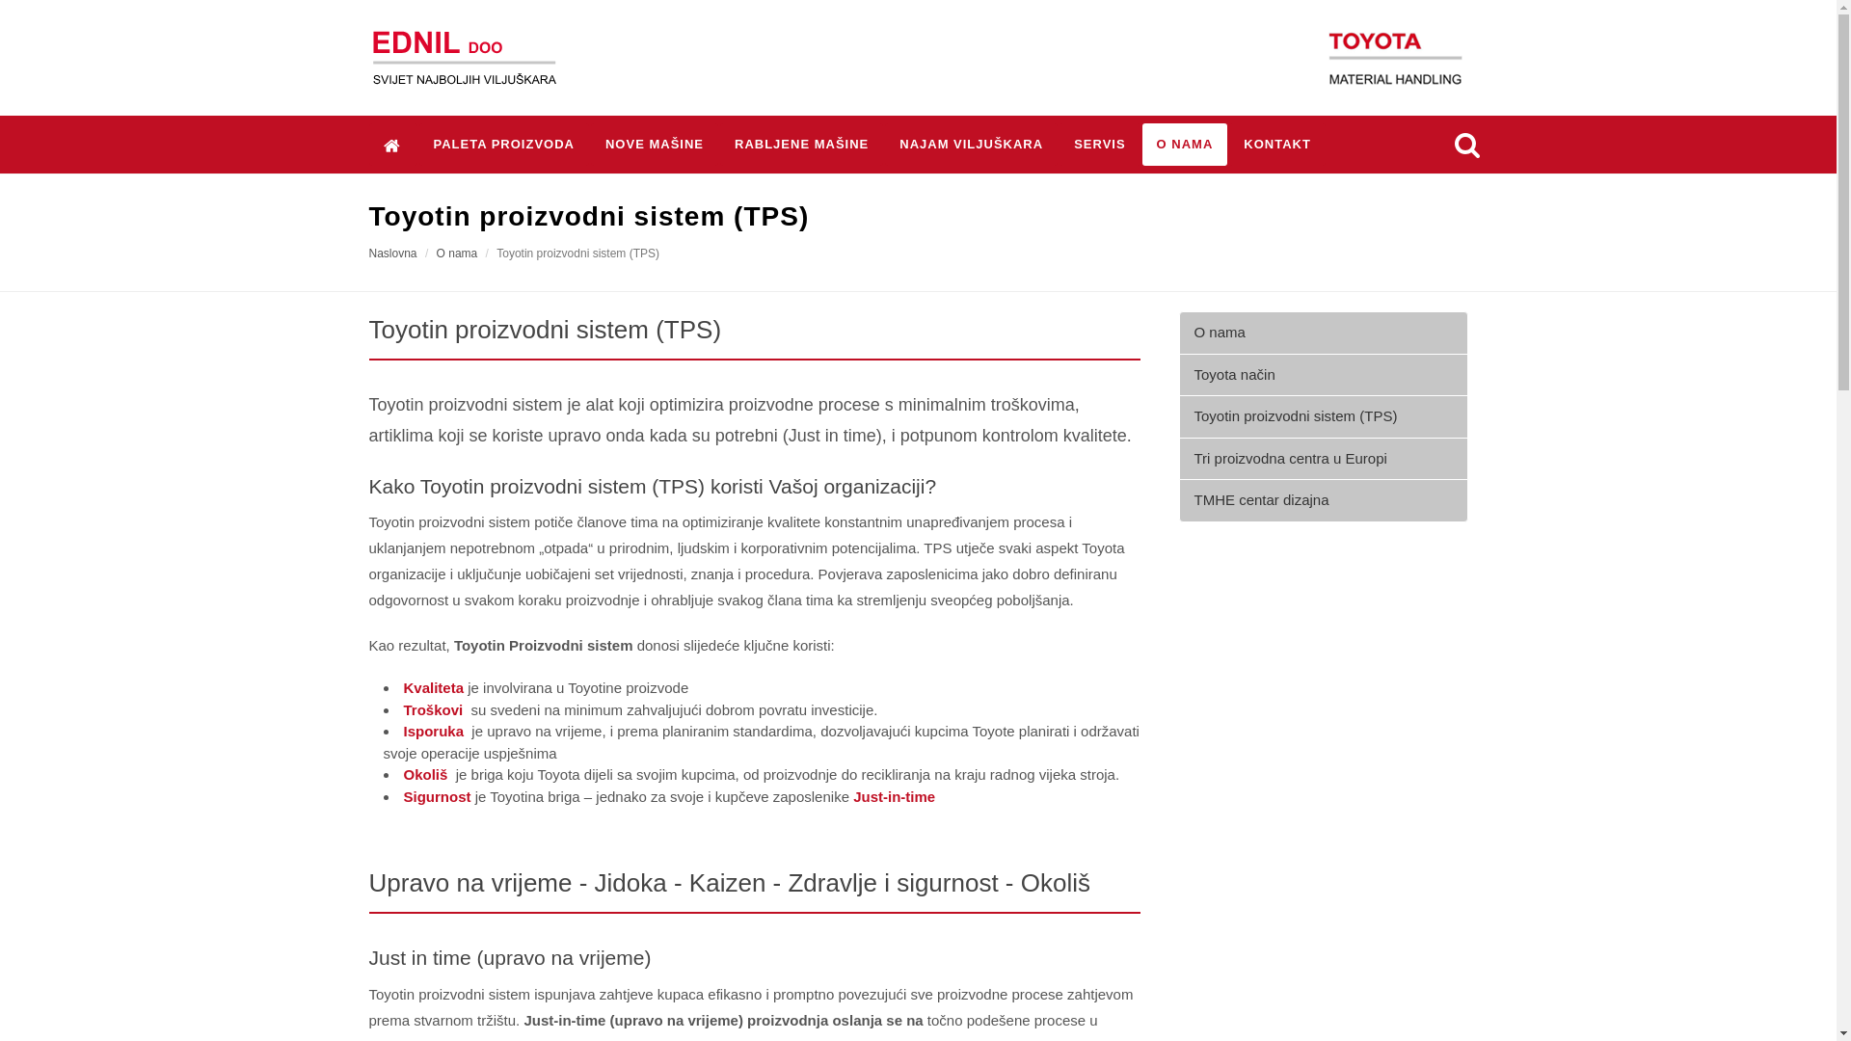 This screenshot has height=1041, width=1851. What do you see at coordinates (432, 686) in the screenshot?
I see `'Kvaliteta'` at bounding box center [432, 686].